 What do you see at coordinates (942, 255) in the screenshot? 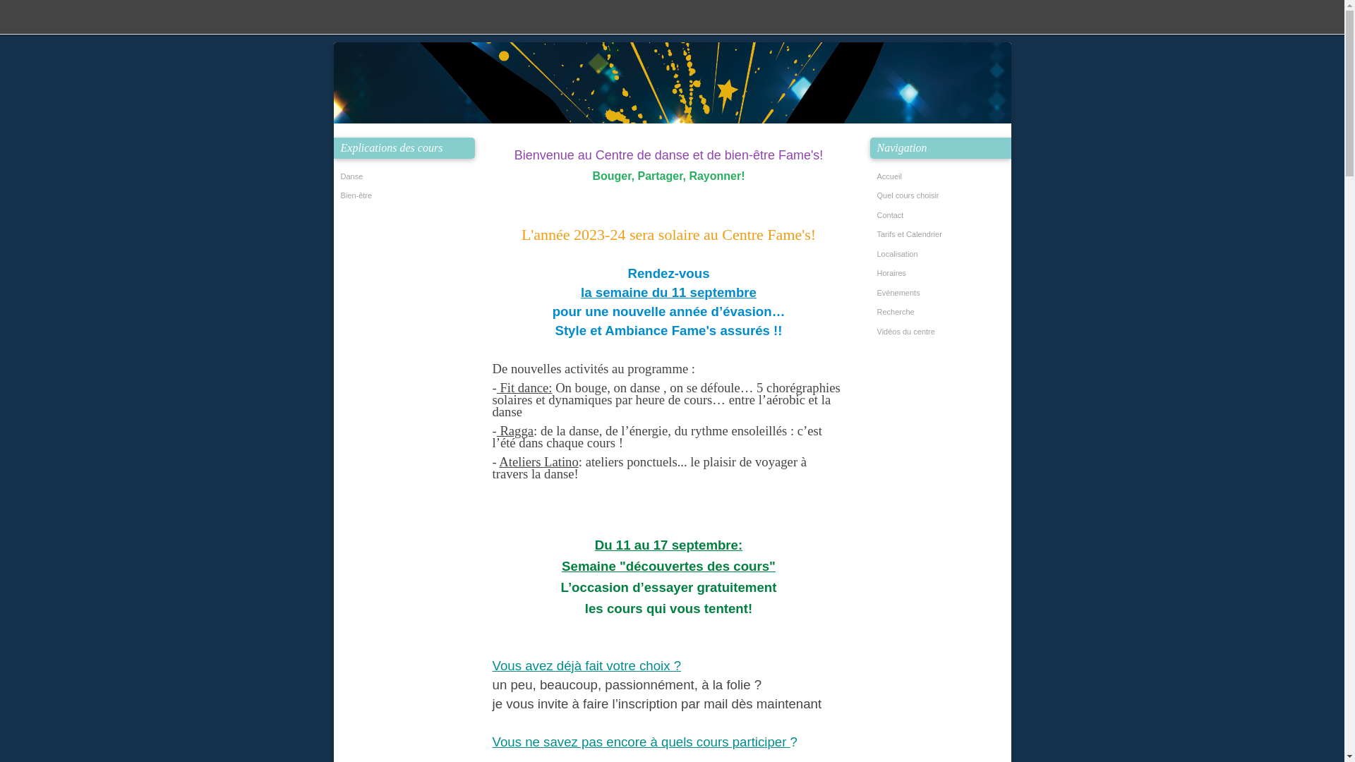
I see `'Localisation'` at bounding box center [942, 255].